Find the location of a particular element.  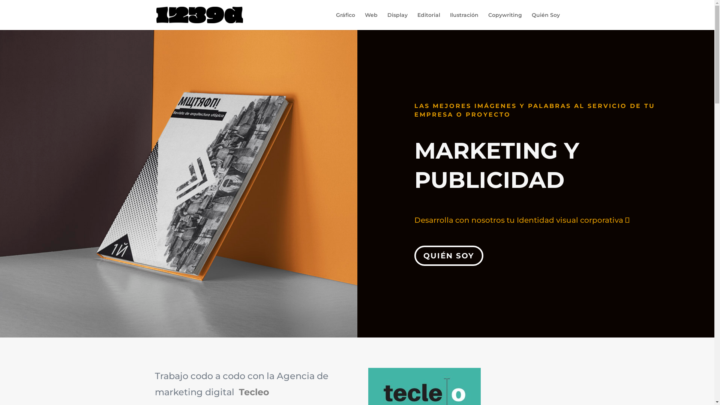

'Editorial' is located at coordinates (428, 21).